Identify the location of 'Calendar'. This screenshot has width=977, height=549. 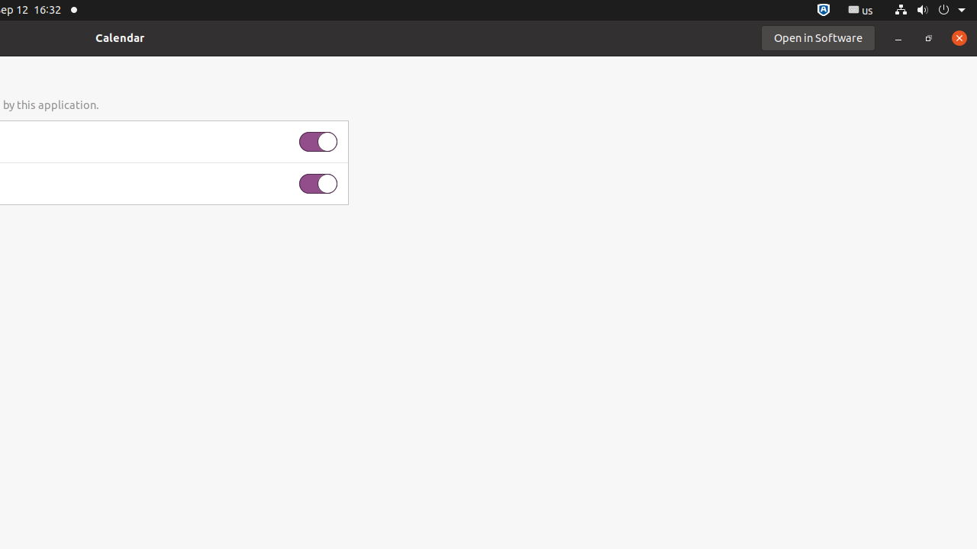
(119, 37).